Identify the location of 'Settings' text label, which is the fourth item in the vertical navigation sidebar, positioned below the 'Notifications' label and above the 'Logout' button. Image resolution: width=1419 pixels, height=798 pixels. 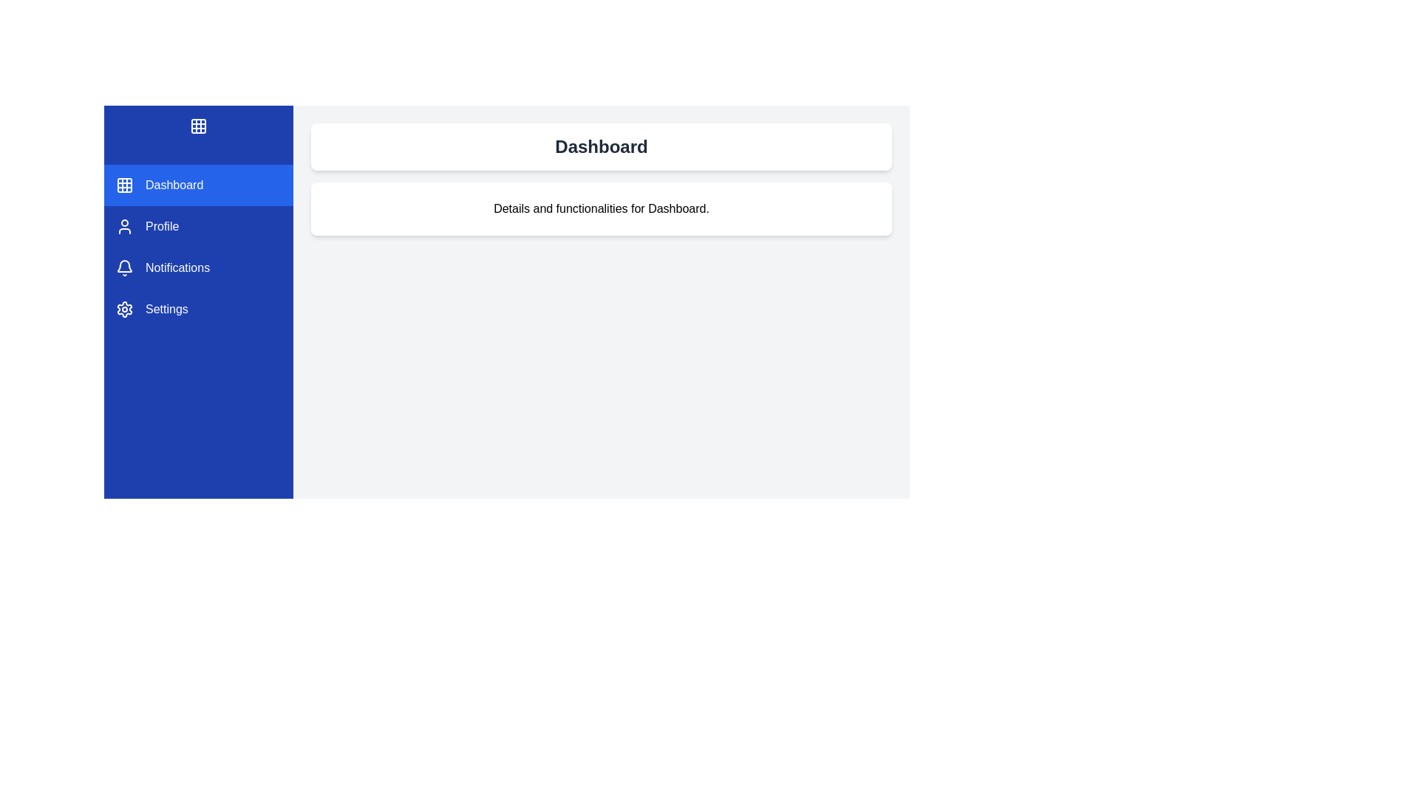
(166, 309).